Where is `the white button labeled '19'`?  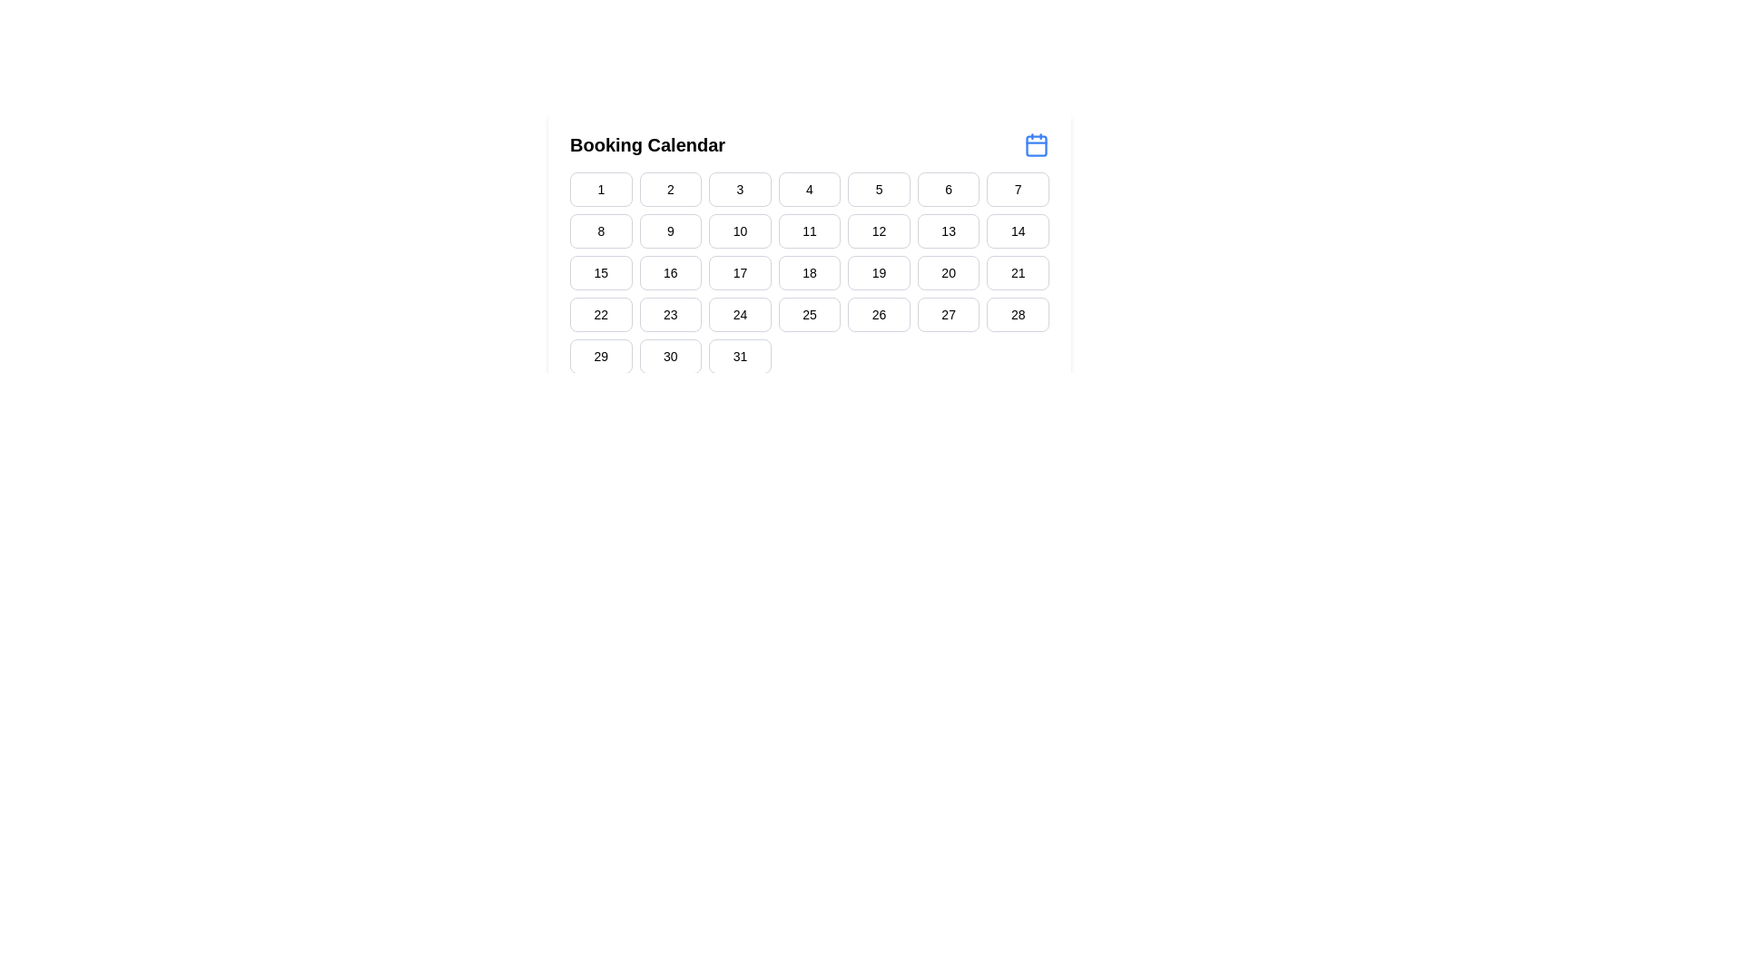
the white button labeled '19' is located at coordinates (879, 272).